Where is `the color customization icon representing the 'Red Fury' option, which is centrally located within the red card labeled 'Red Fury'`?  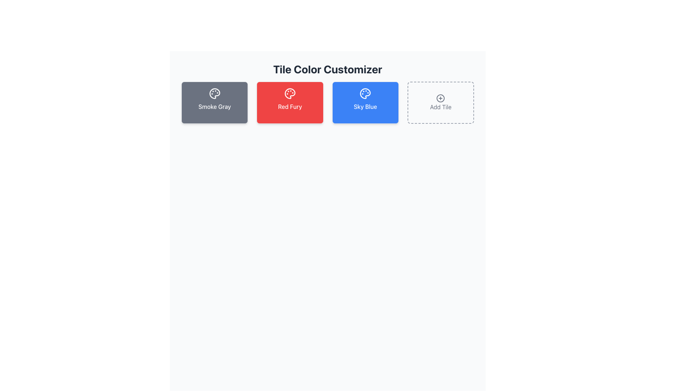 the color customization icon representing the 'Red Fury' option, which is centrally located within the red card labeled 'Red Fury' is located at coordinates (289, 93).